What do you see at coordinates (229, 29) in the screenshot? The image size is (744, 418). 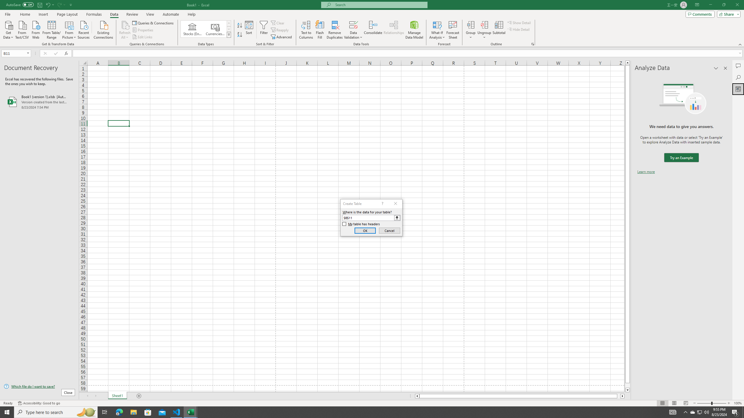 I see `'Row Down'` at bounding box center [229, 29].